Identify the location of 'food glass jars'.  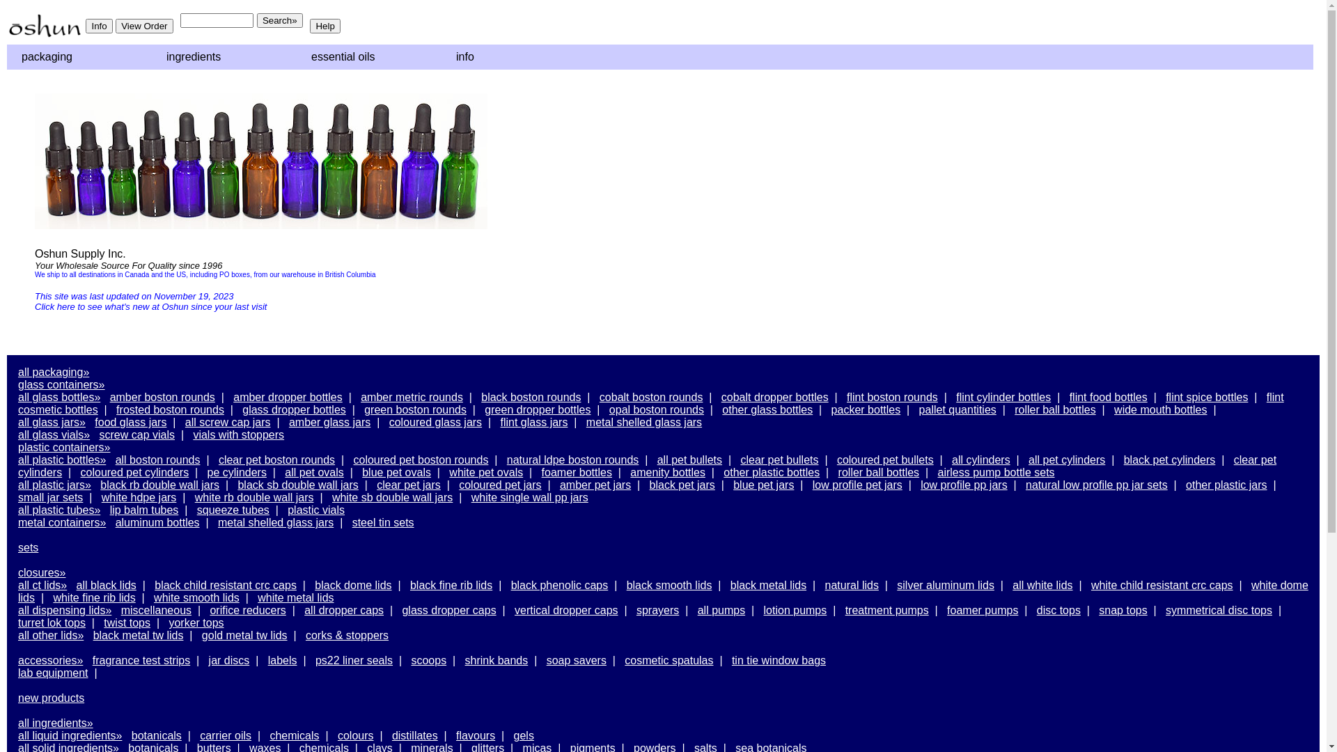
(93, 421).